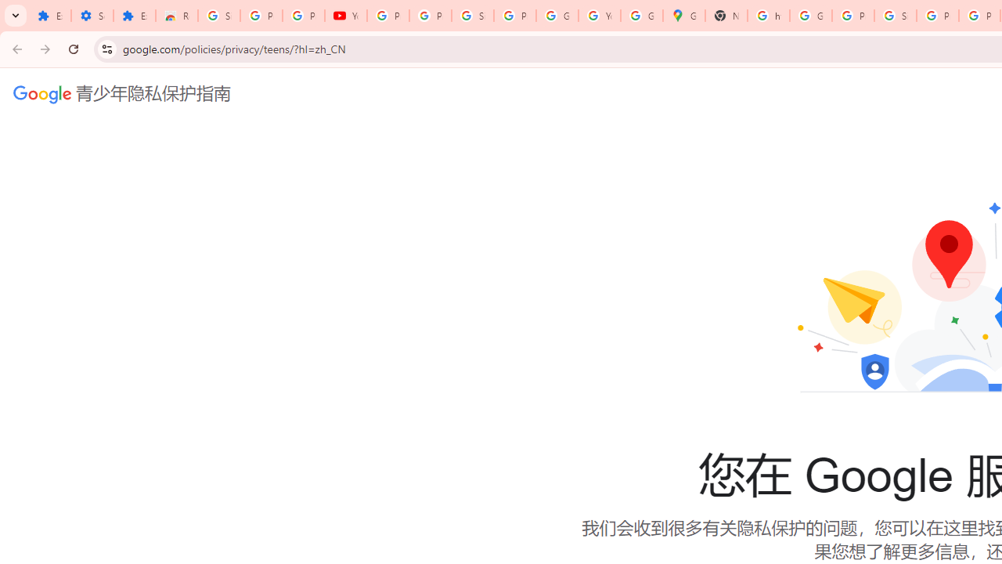  What do you see at coordinates (684, 16) in the screenshot?
I see `'Google Maps'` at bounding box center [684, 16].